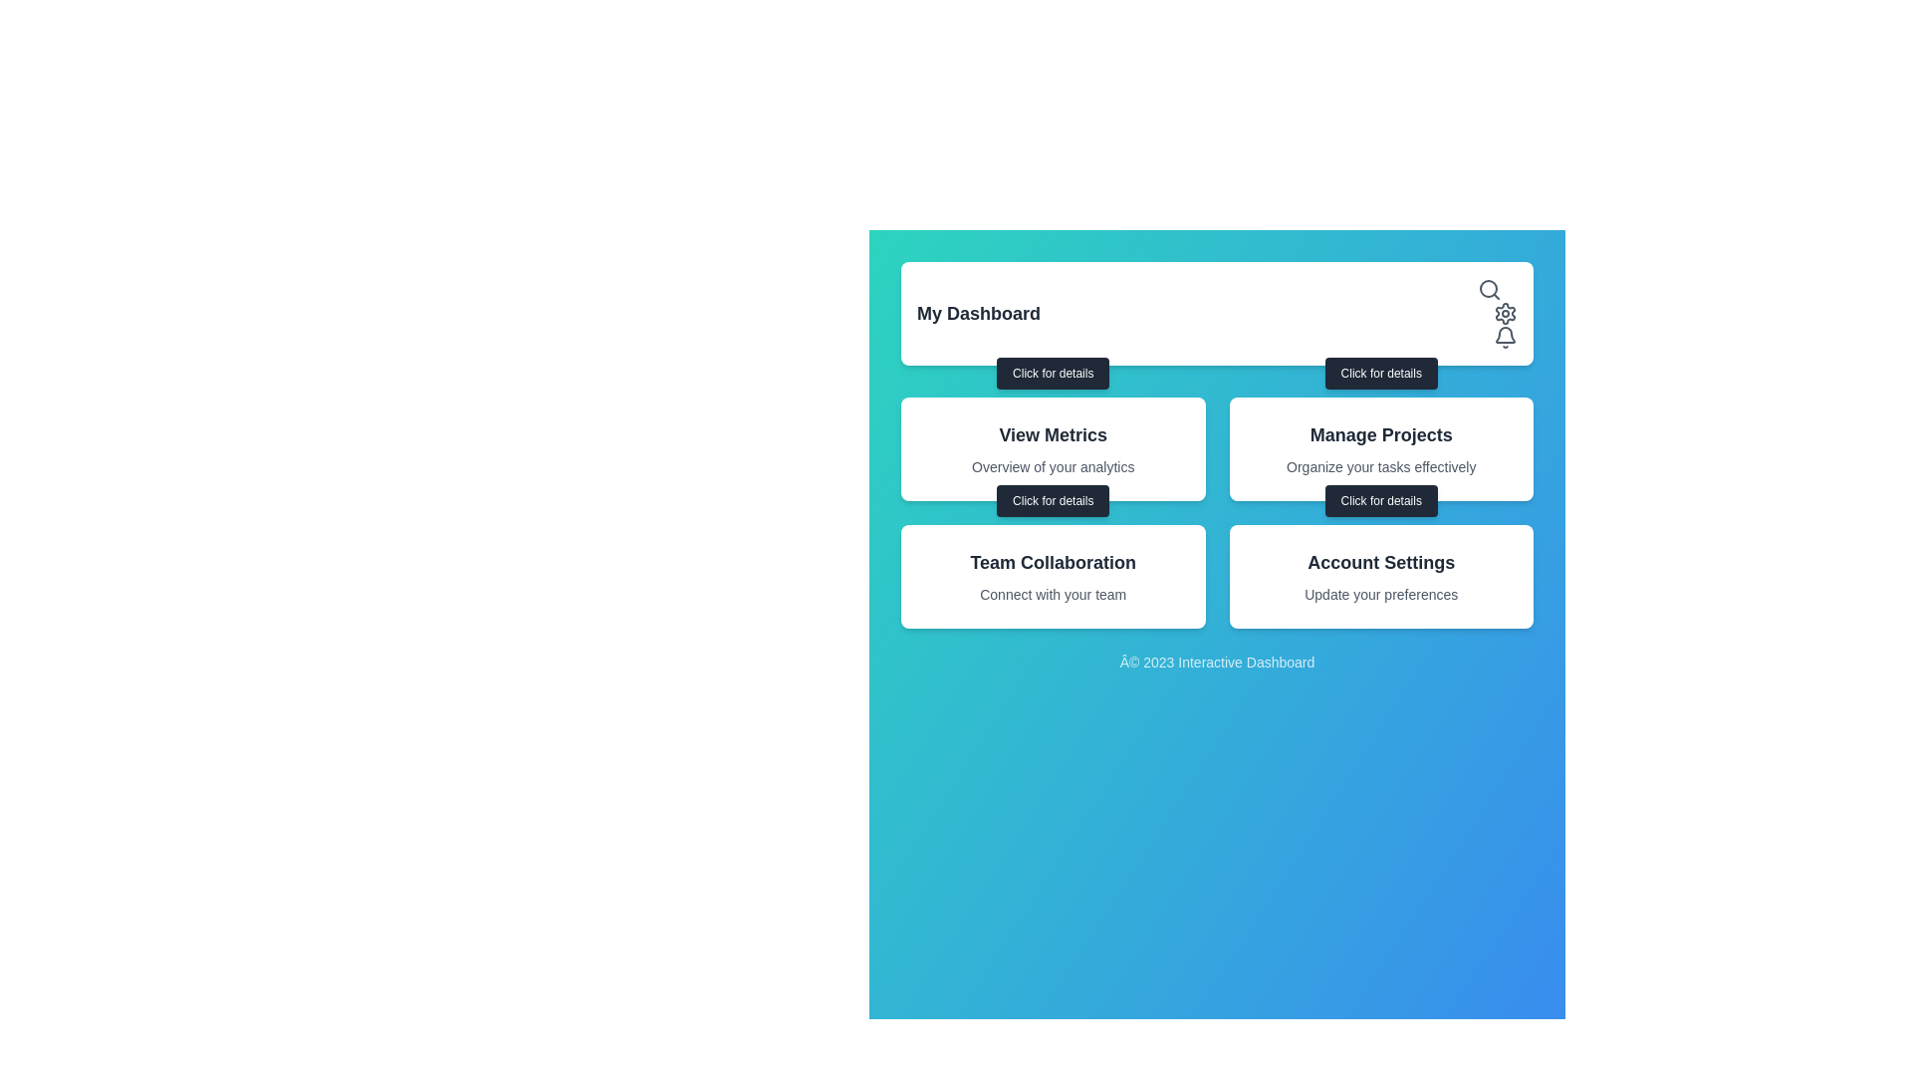 The height and width of the screenshot is (1076, 1912). What do you see at coordinates (1506, 334) in the screenshot?
I see `the notification bell icon located in the top-right corner of the interface` at bounding box center [1506, 334].